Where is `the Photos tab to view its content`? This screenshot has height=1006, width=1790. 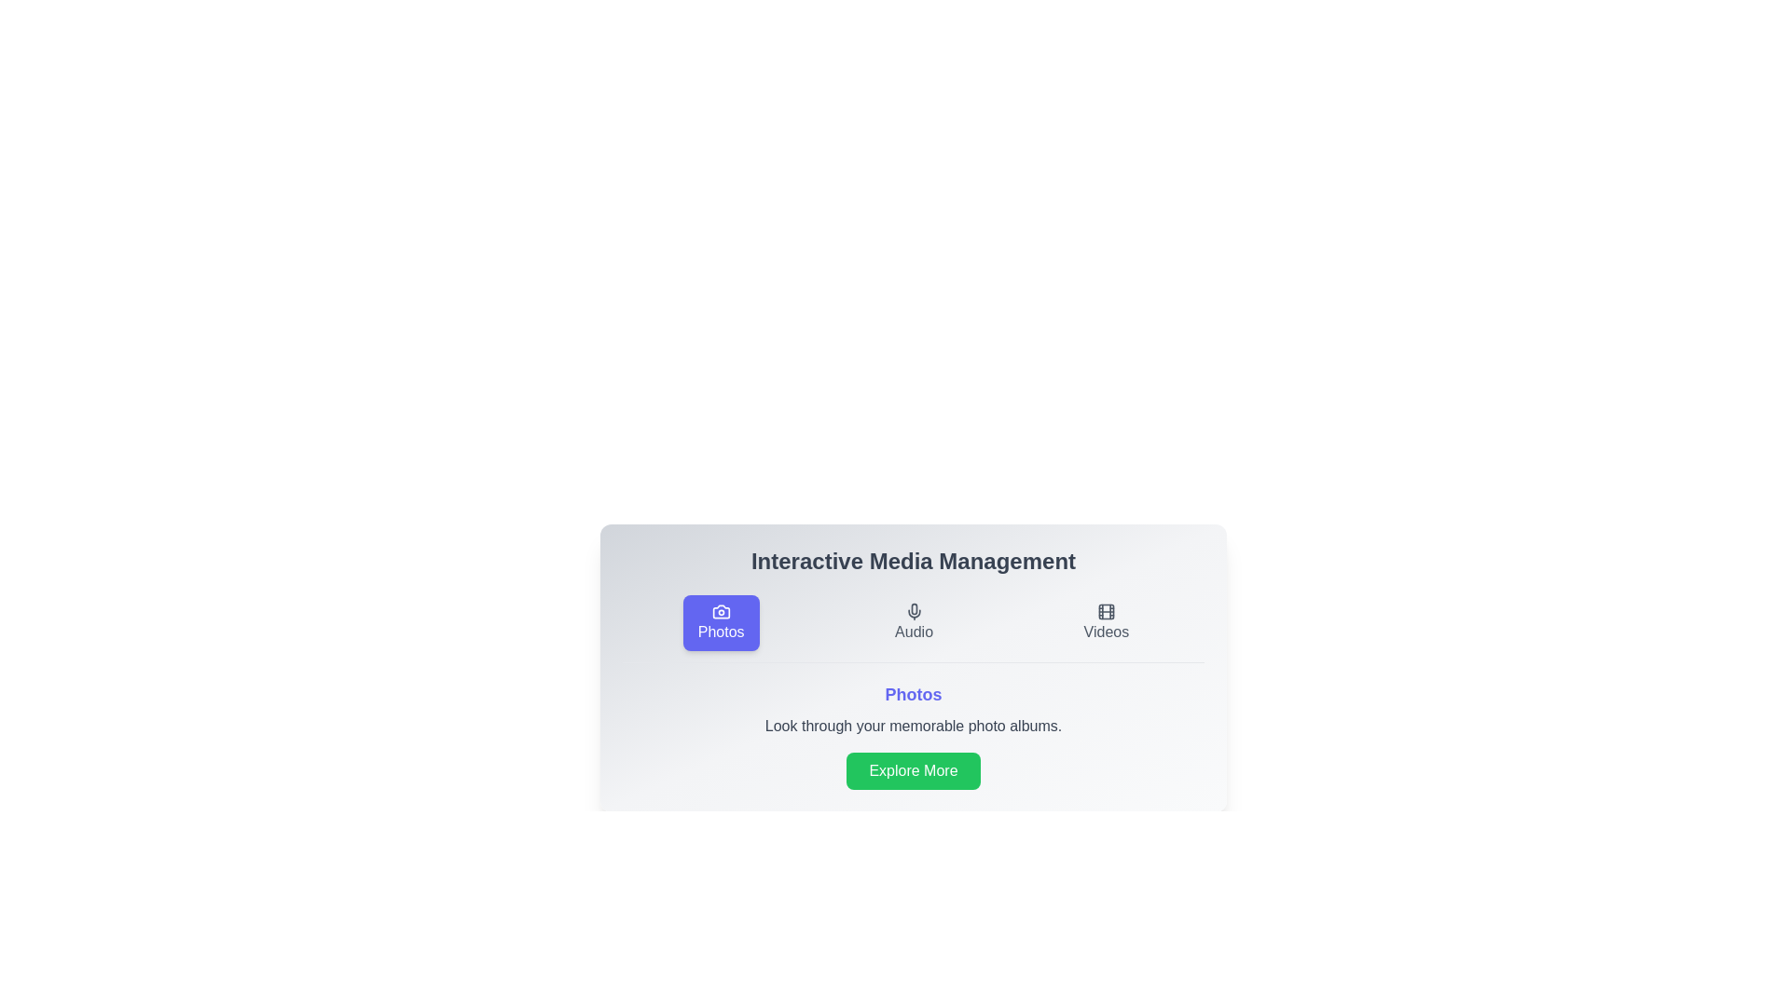 the Photos tab to view its content is located at coordinates (720, 622).